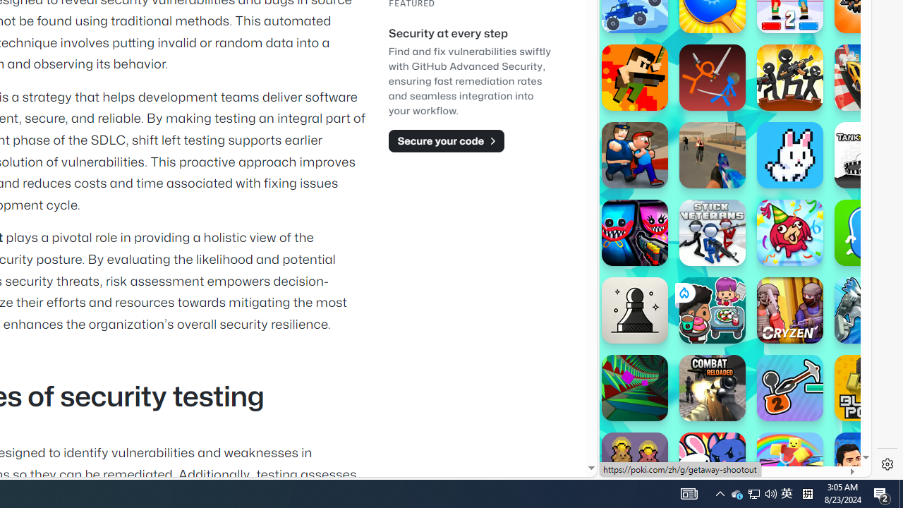 Image resolution: width=903 pixels, height=508 pixels. Describe the element at coordinates (790, 465) in the screenshot. I see `'Rainbow Obby'` at that location.